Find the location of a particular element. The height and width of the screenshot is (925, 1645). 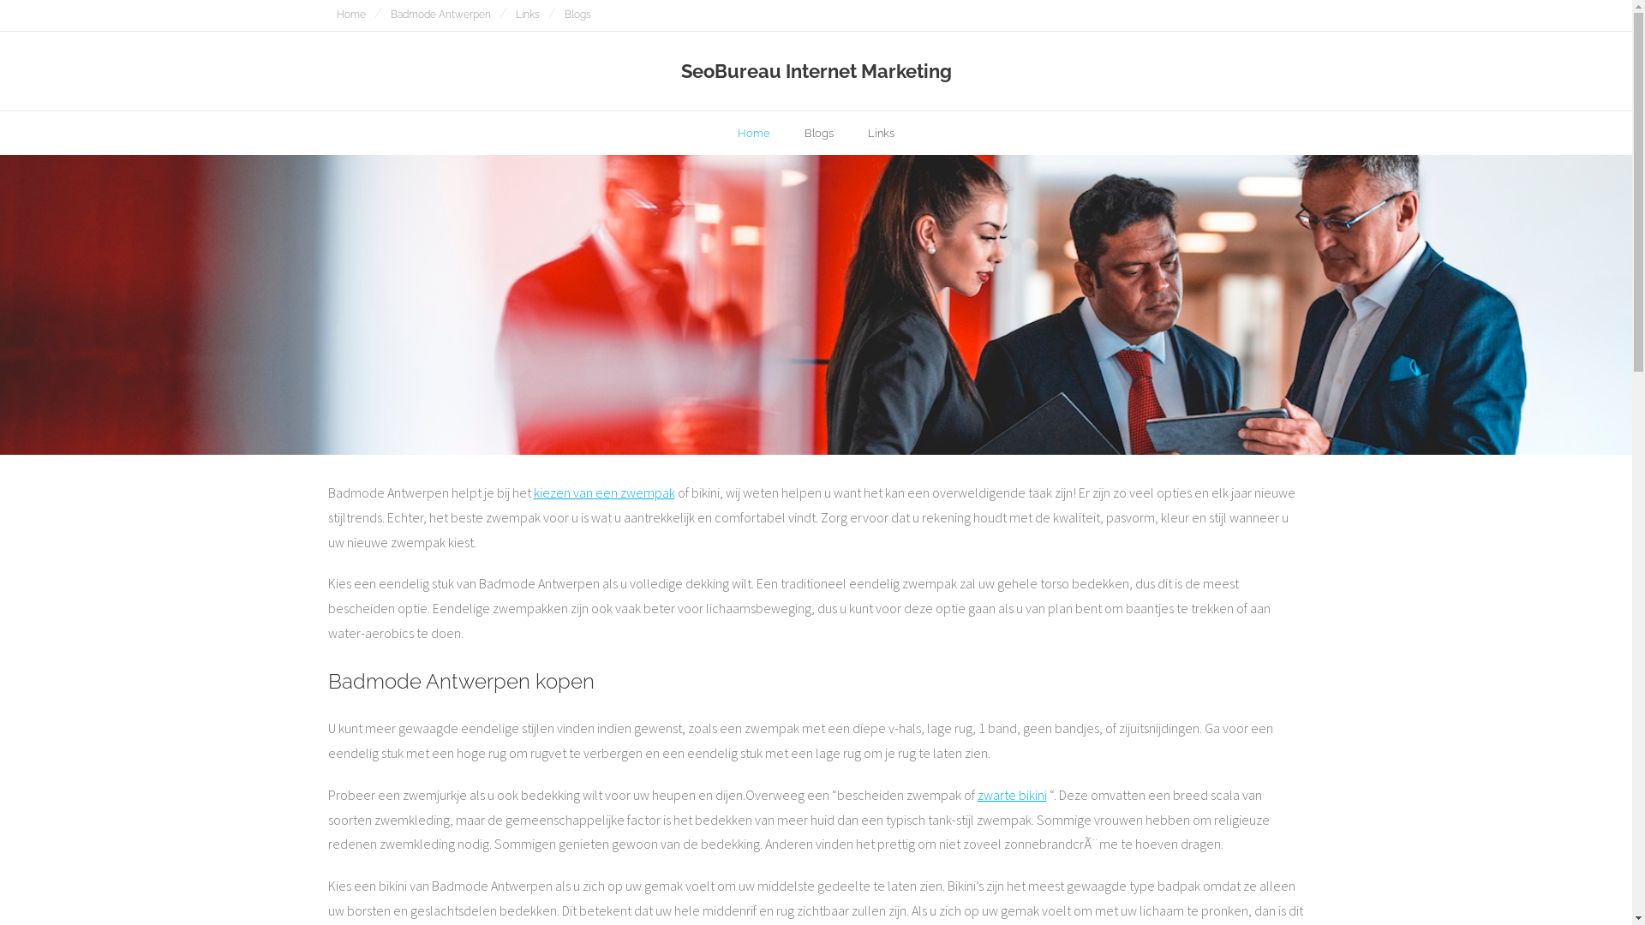

'Home' is located at coordinates (720, 132).